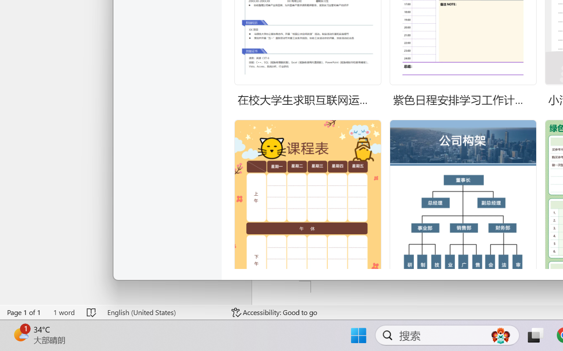 The height and width of the screenshot is (351, 563). I want to click on 'Accessibility Checker Accessibility: Good to go', so click(274, 312).